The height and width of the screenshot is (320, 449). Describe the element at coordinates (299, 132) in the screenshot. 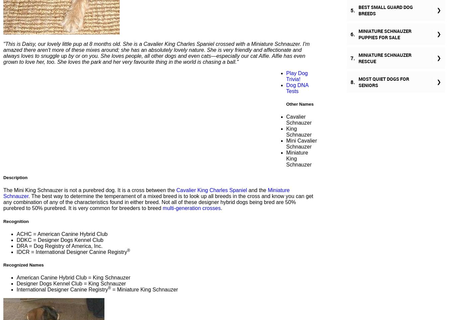

I see `'King Schnauzer'` at that location.